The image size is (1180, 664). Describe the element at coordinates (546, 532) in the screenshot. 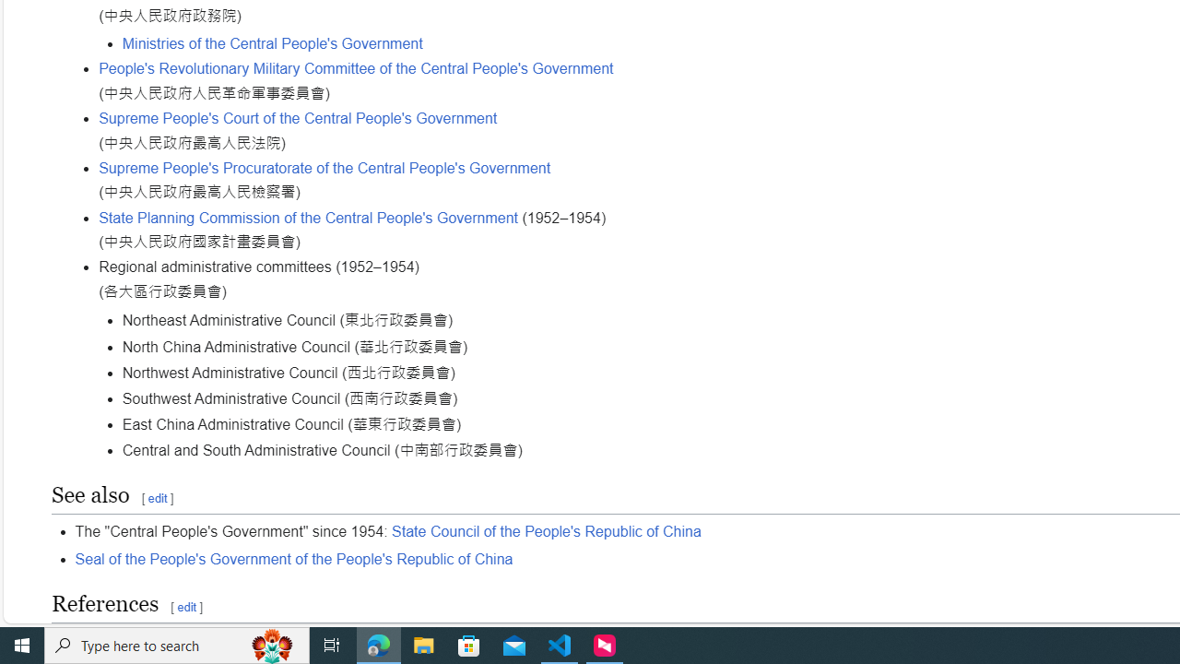

I see `'State Council of the People'` at that location.